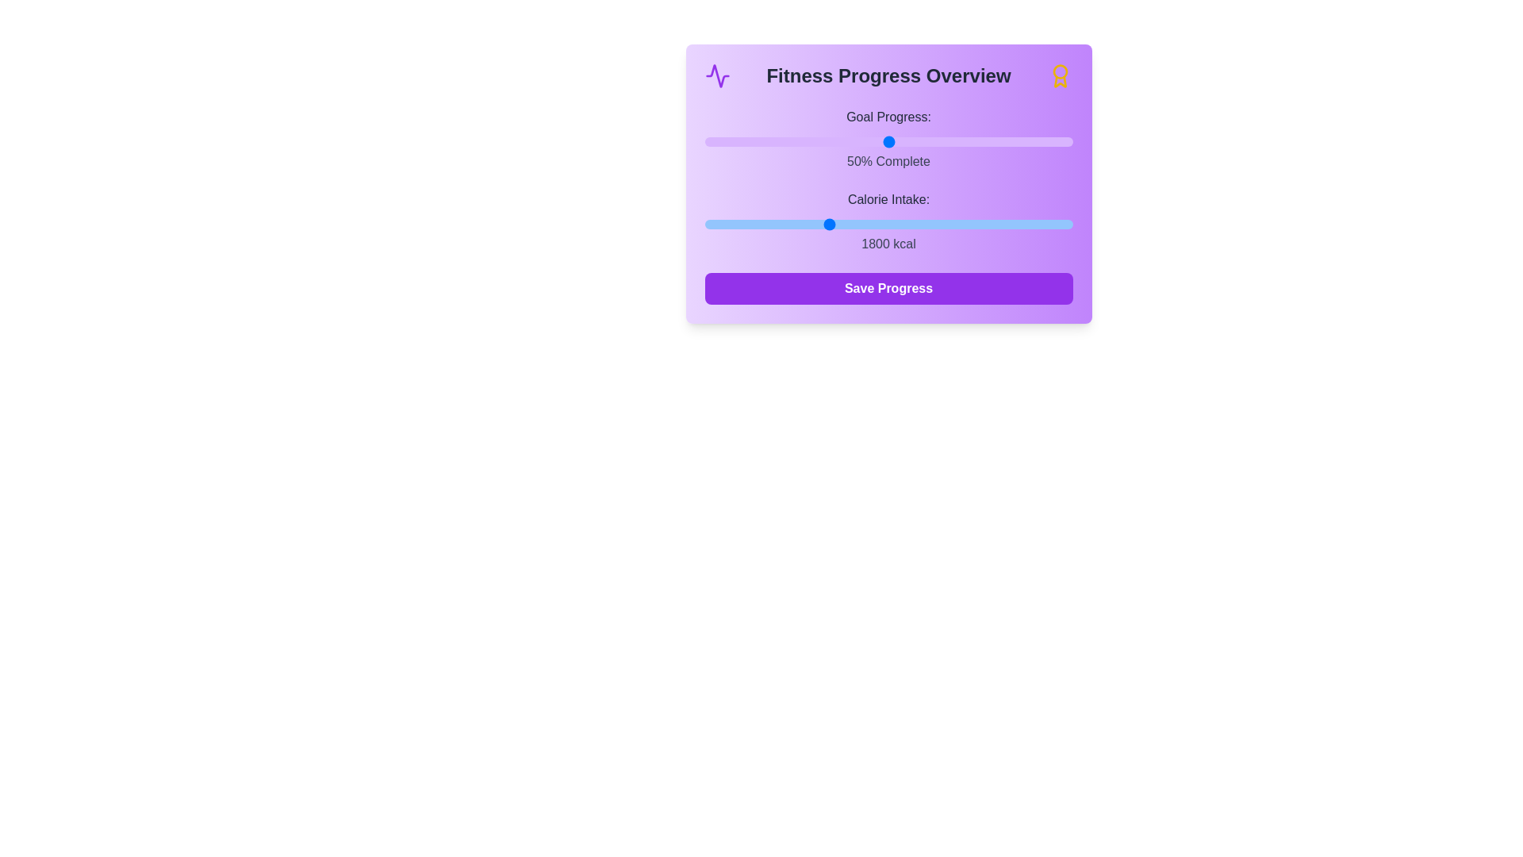  What do you see at coordinates (1002, 224) in the screenshot?
I see `calorie intake` at bounding box center [1002, 224].